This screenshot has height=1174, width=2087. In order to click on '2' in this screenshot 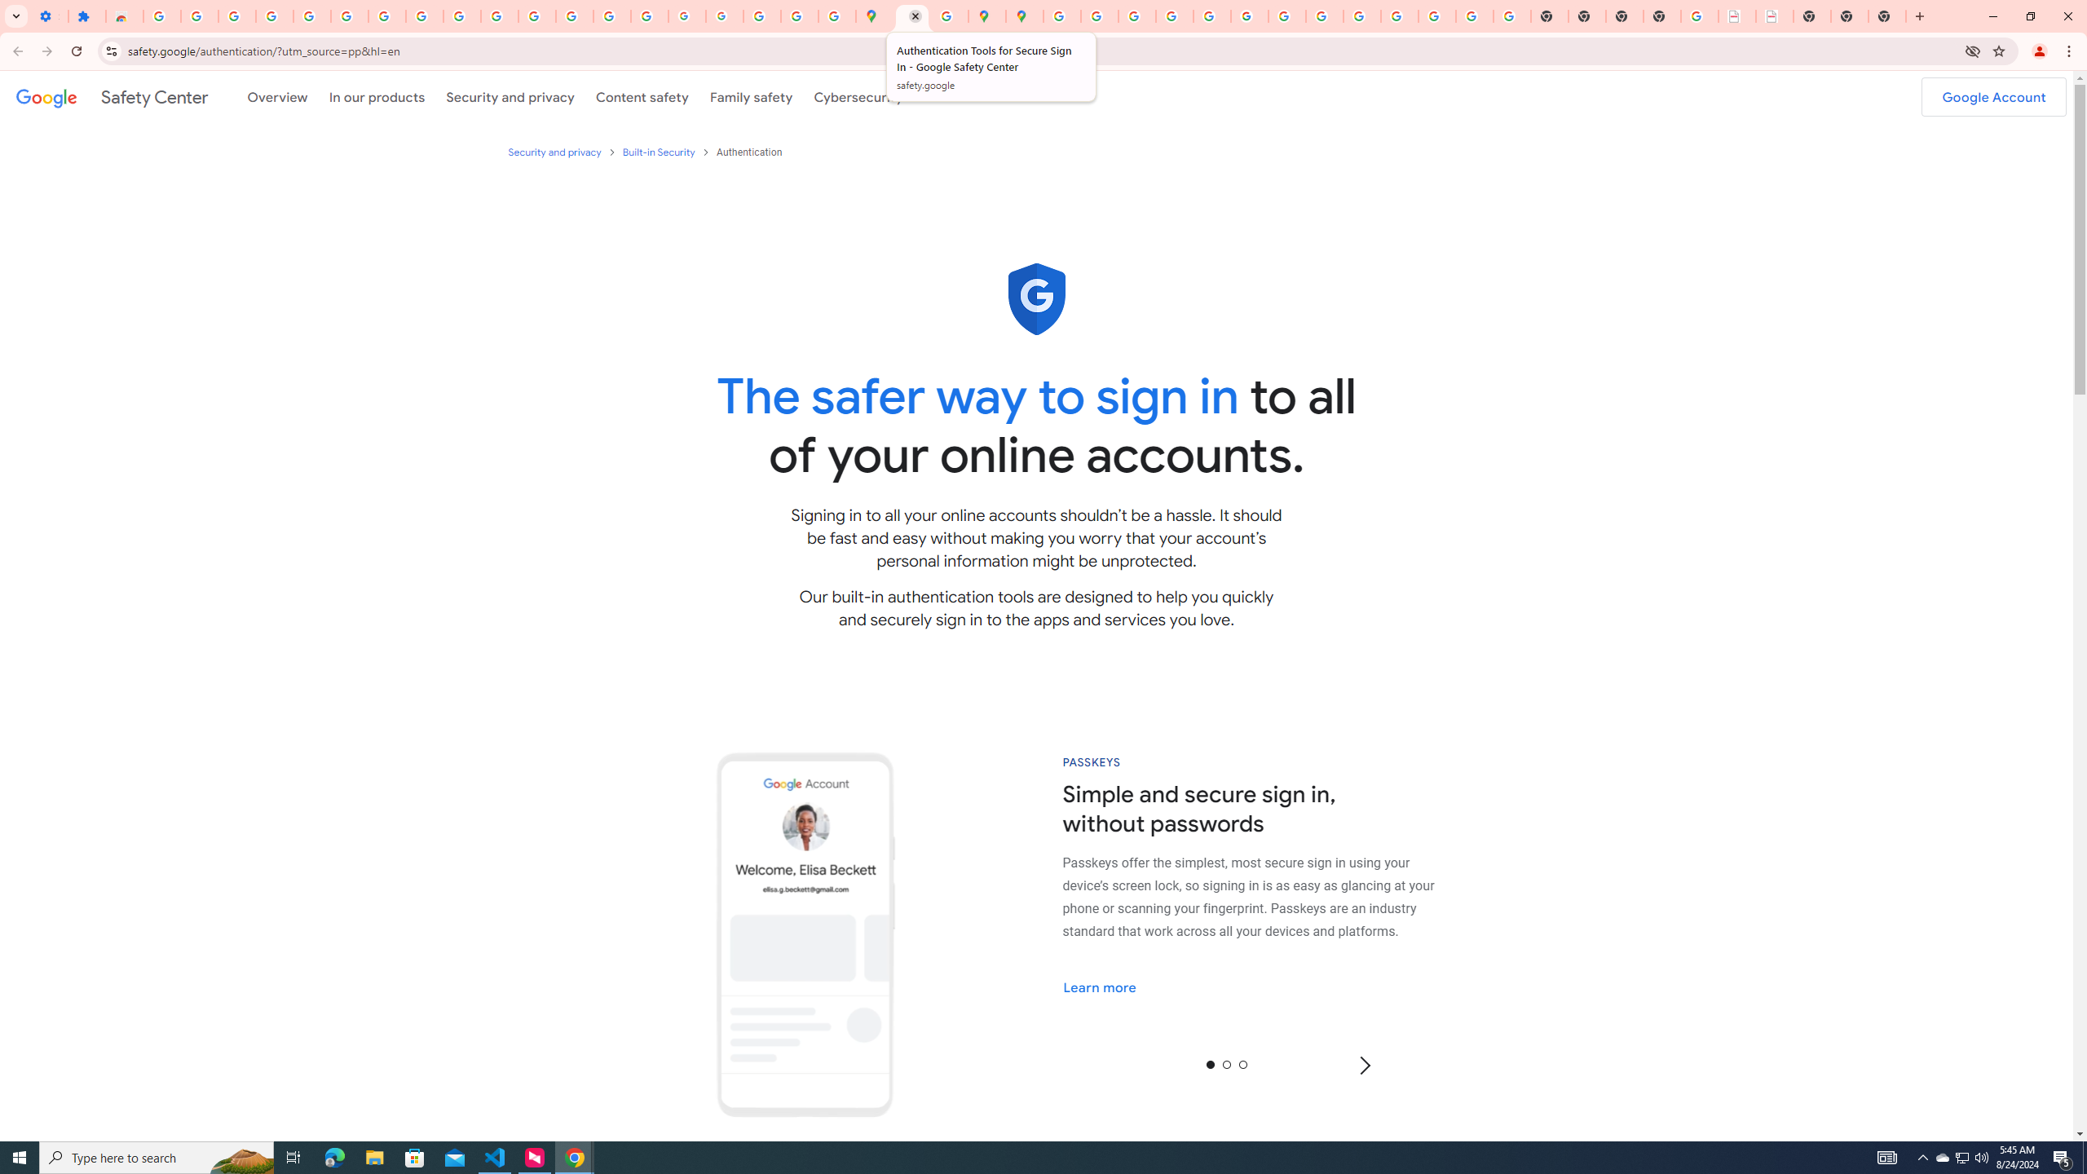, I will do `click(1241, 1064)`.